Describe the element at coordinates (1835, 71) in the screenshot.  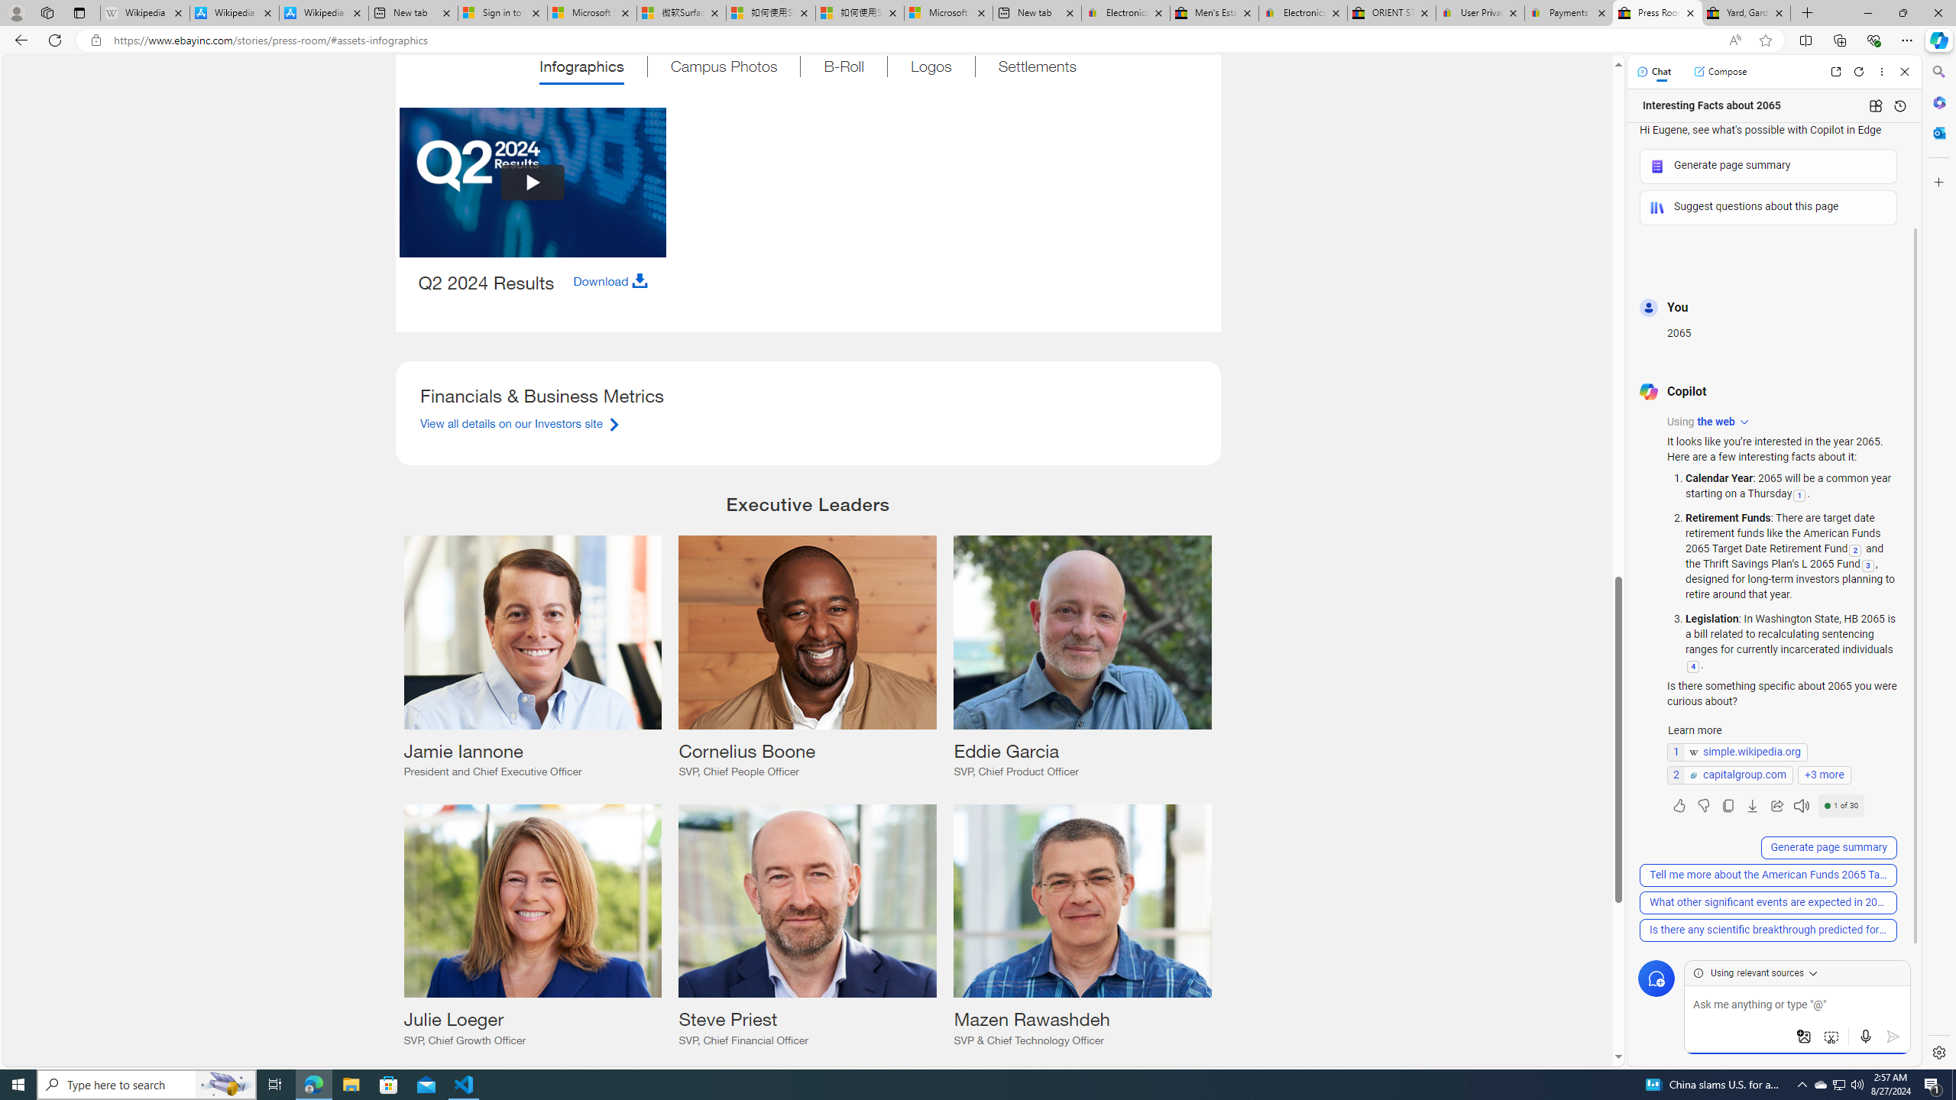
I see `'Open link in new tab'` at that location.